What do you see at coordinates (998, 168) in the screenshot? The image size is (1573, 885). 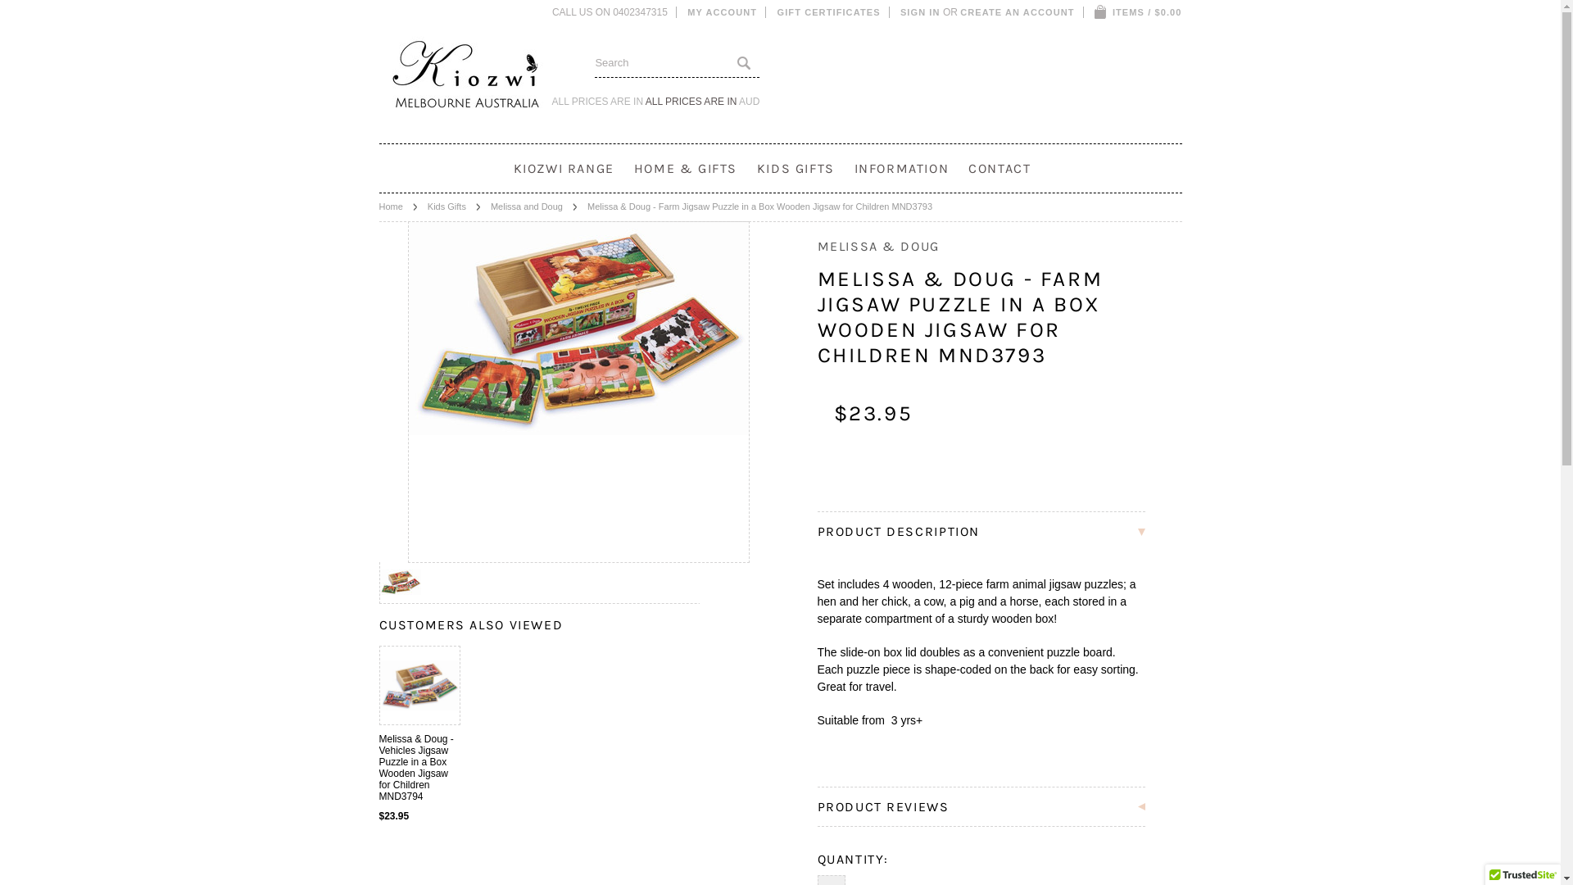 I see `'CONTACT'` at bounding box center [998, 168].